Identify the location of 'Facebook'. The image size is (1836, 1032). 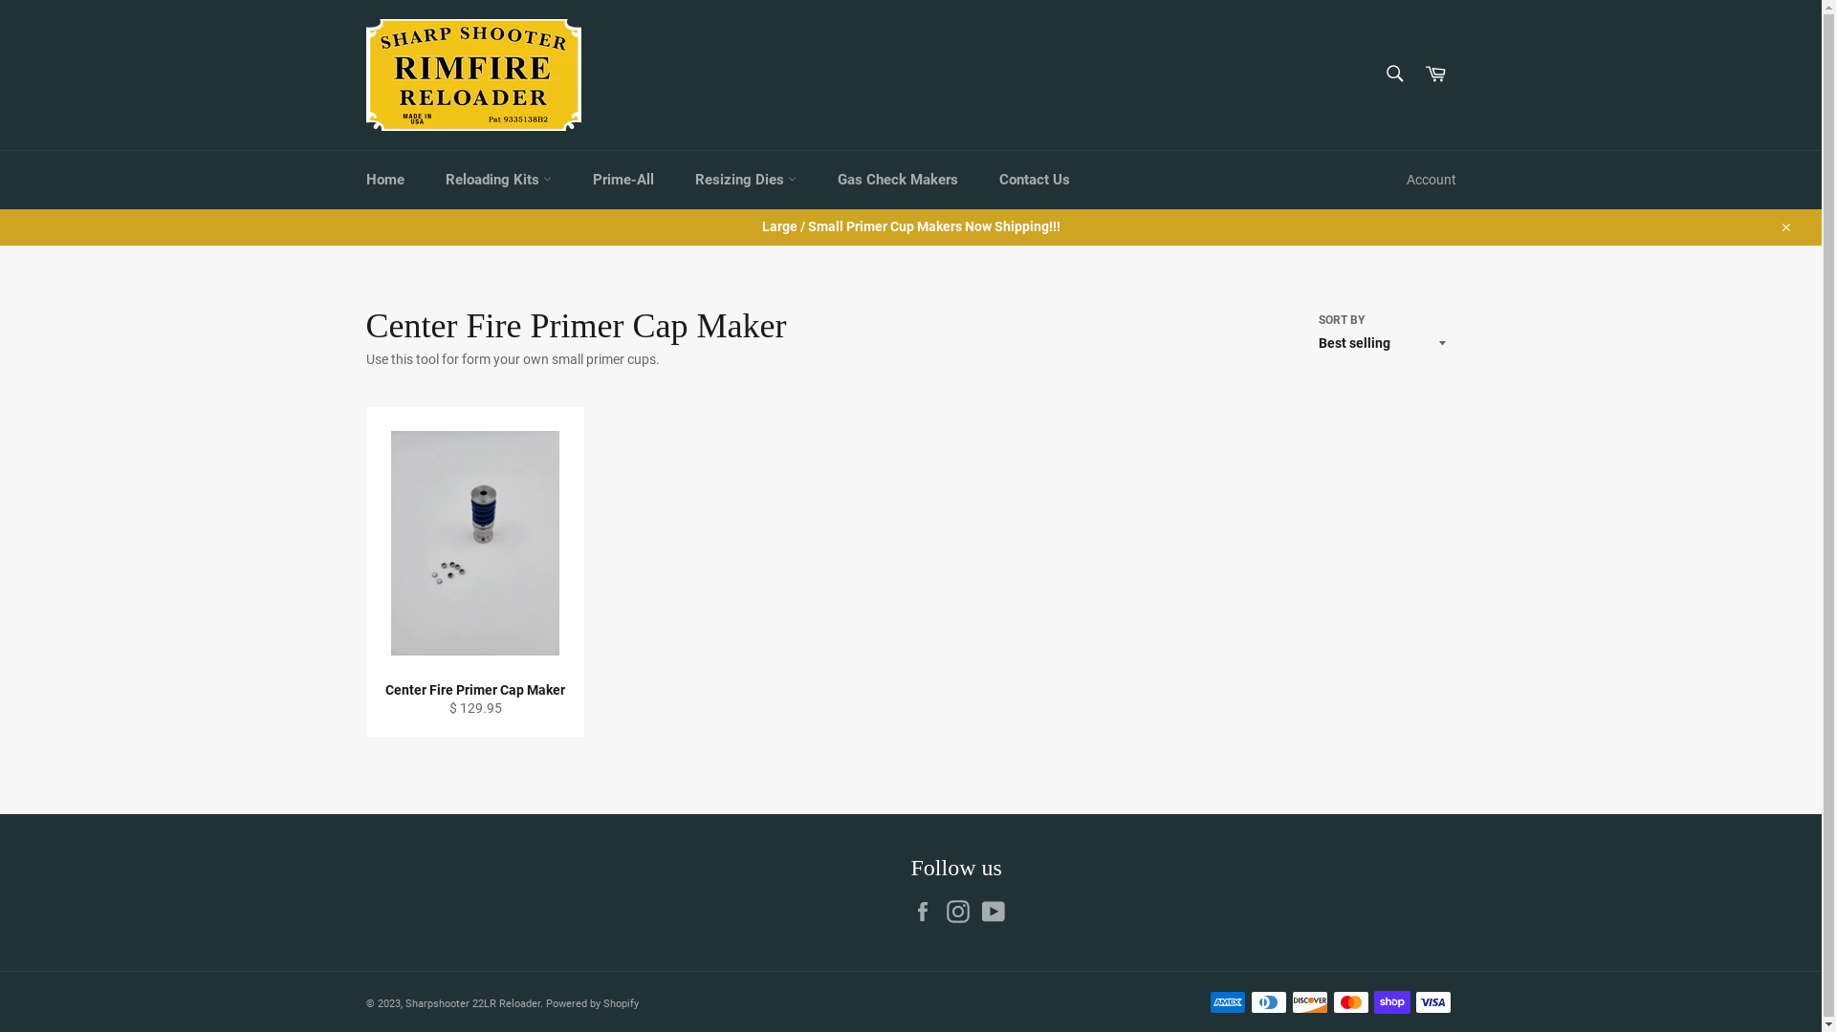
(927, 910).